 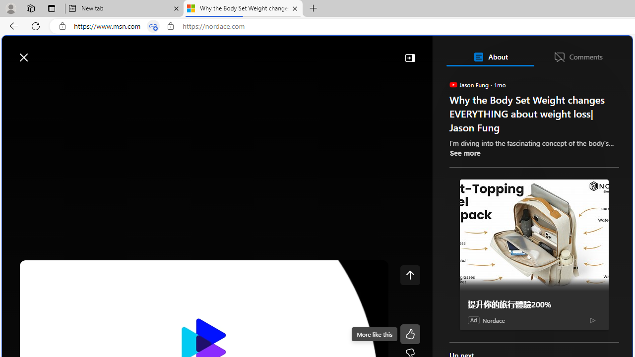 I want to click on 'Collapse', so click(x=410, y=57).